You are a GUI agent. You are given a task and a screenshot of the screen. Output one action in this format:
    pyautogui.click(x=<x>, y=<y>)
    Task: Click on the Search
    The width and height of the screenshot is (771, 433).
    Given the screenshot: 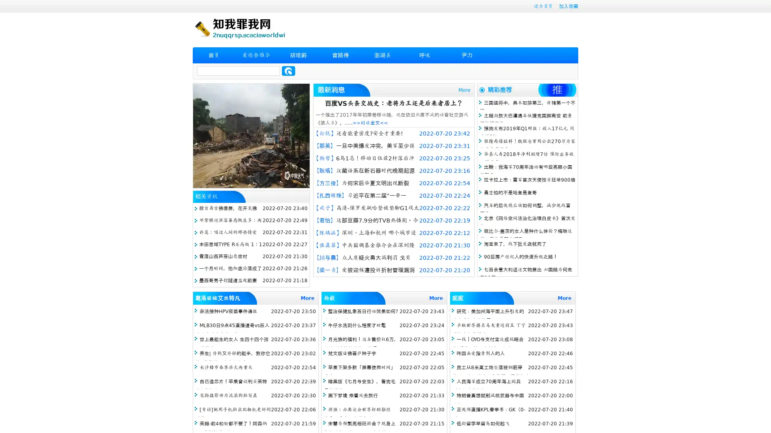 What is the action you would take?
    pyautogui.click(x=288, y=71)
    